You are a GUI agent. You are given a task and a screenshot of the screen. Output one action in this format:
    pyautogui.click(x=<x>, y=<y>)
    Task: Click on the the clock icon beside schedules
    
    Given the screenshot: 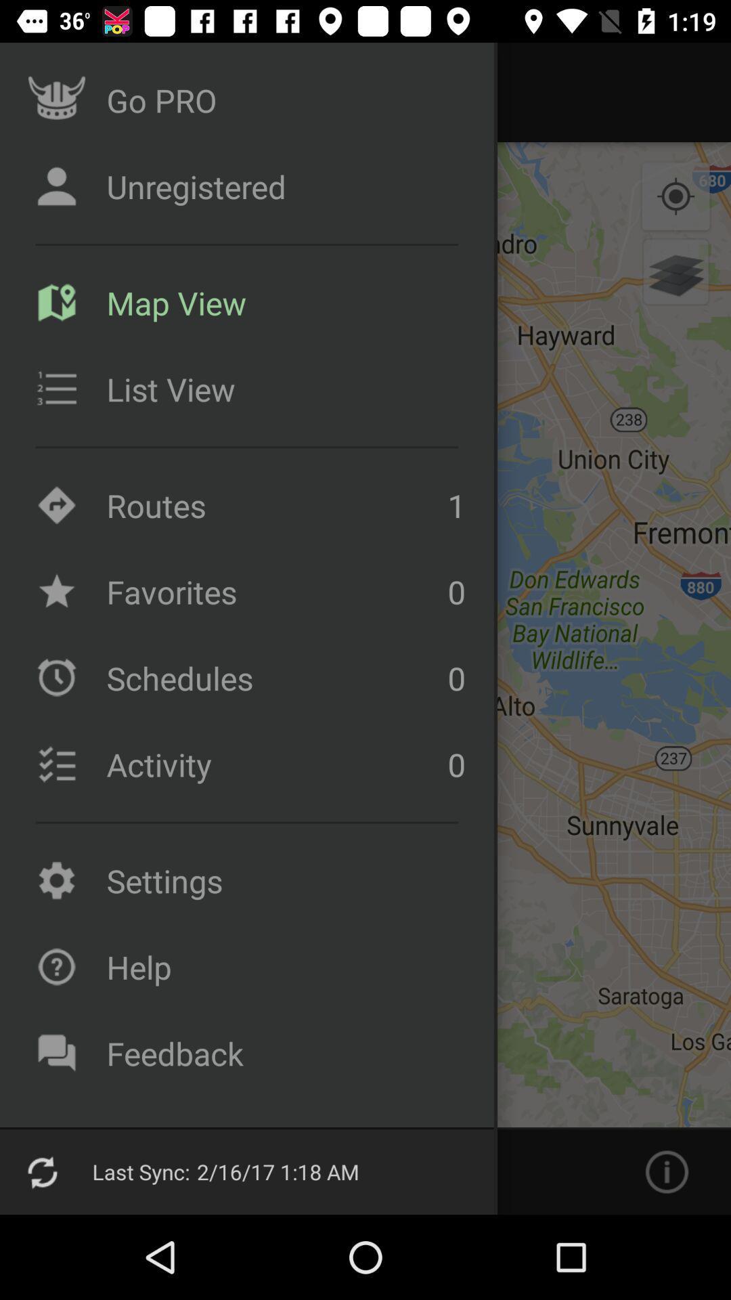 What is the action you would take?
    pyautogui.click(x=56, y=678)
    